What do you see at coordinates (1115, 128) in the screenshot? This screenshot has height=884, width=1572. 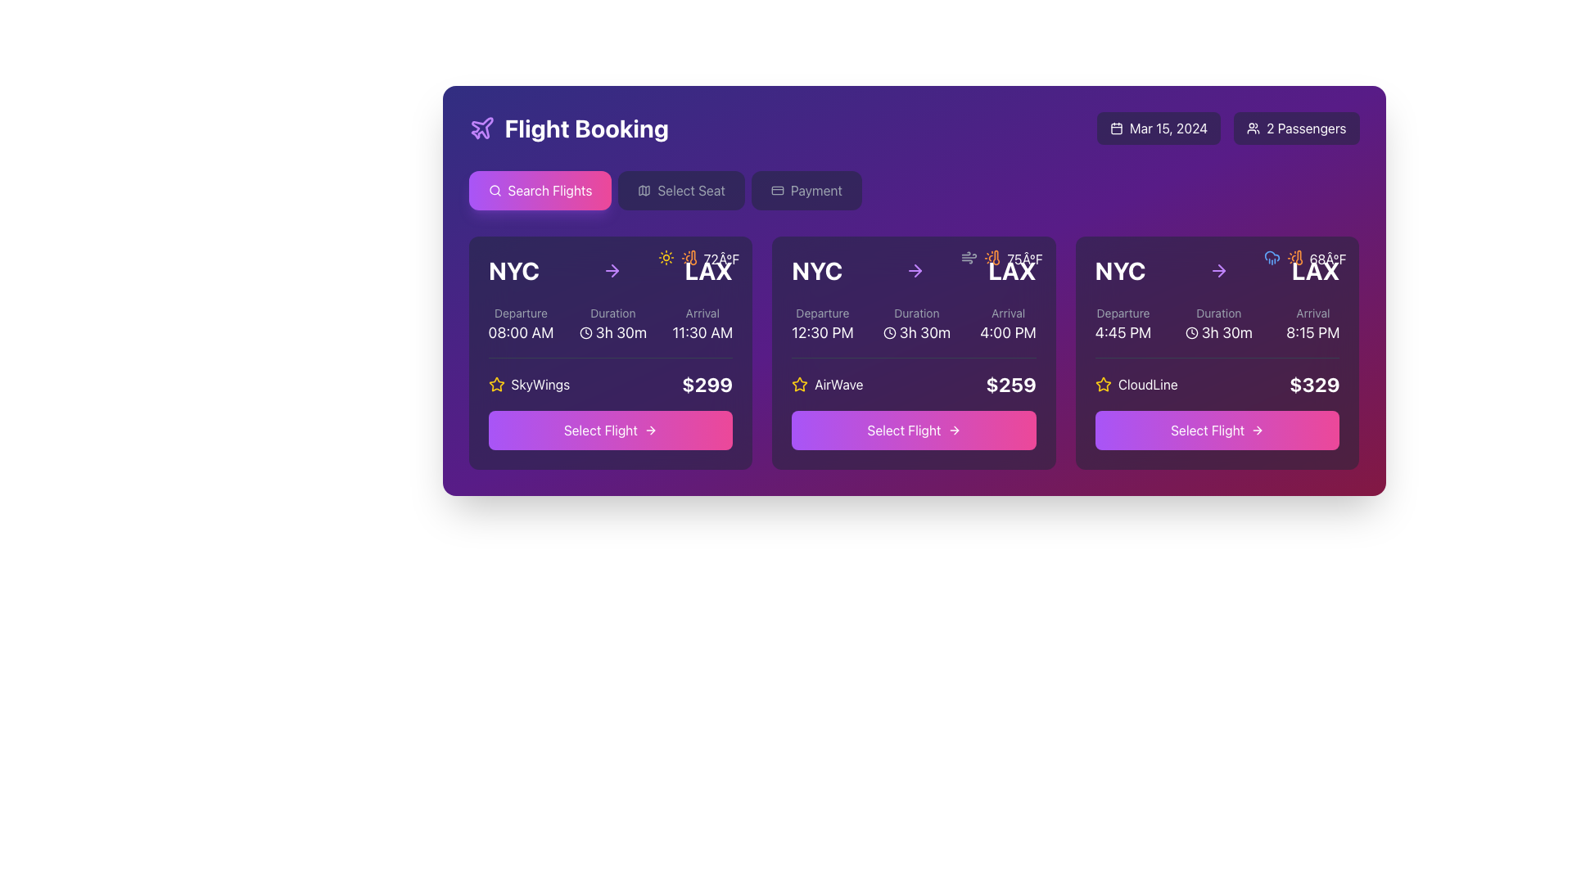 I see `the rounded rectangle element within the calendar icon located in the top-right toolbar, specifically positioned to the left of the date display text 'Mar 15, 2024'` at bounding box center [1115, 128].